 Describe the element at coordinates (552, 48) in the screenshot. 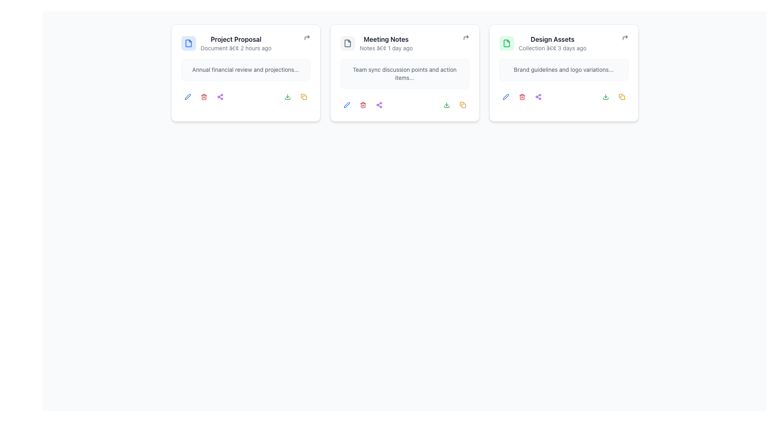

I see `text label displaying 'Collection • 3 days ago' which is located below the 'Design Assets' header inside a card in the interface` at that location.